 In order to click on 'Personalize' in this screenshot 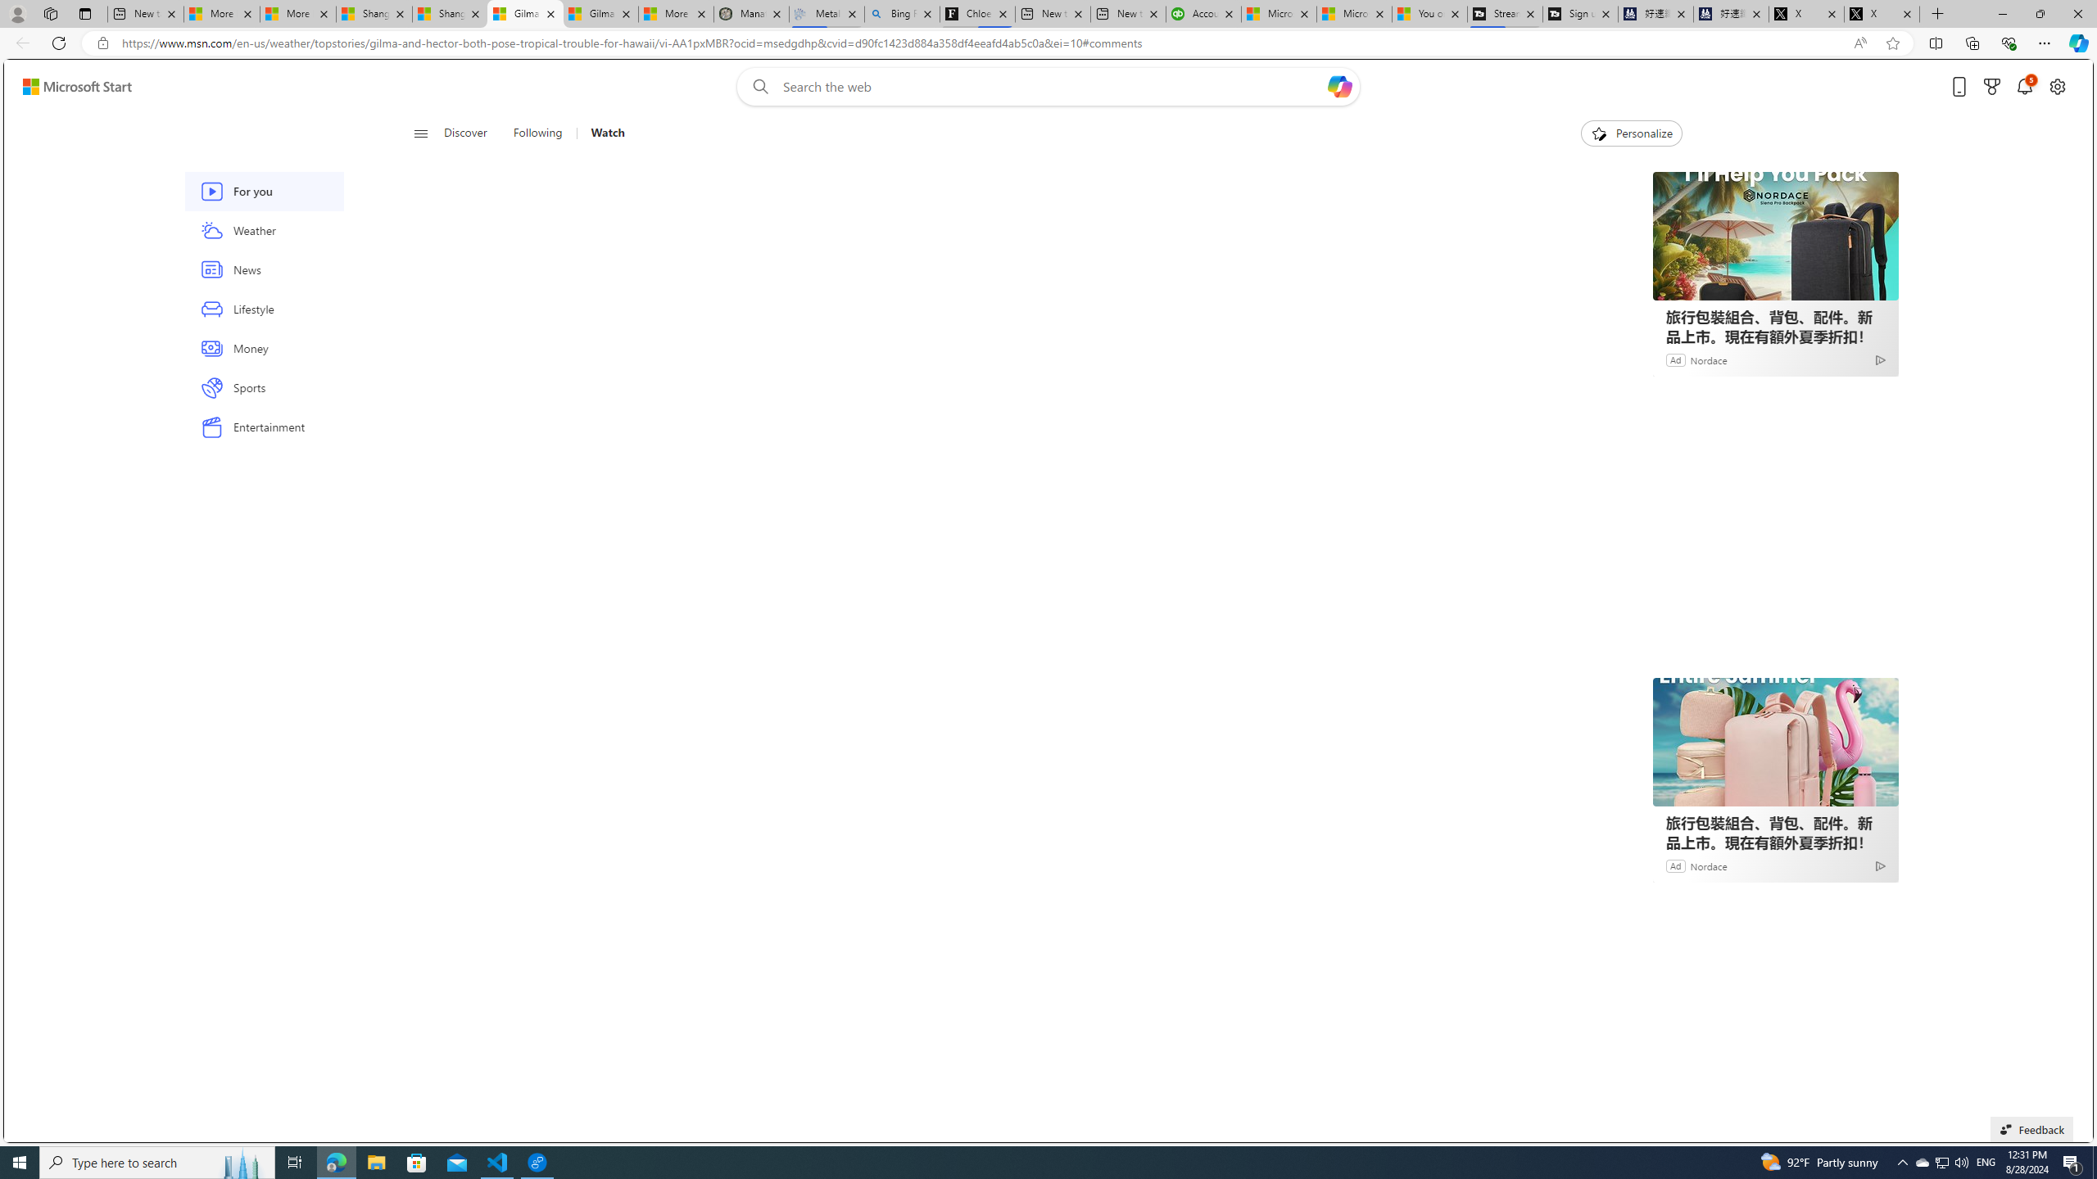, I will do `click(1630, 133)`.